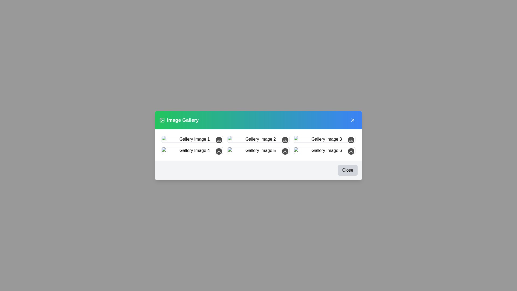  What do you see at coordinates (284, 140) in the screenshot?
I see `the download button for image 2` at bounding box center [284, 140].